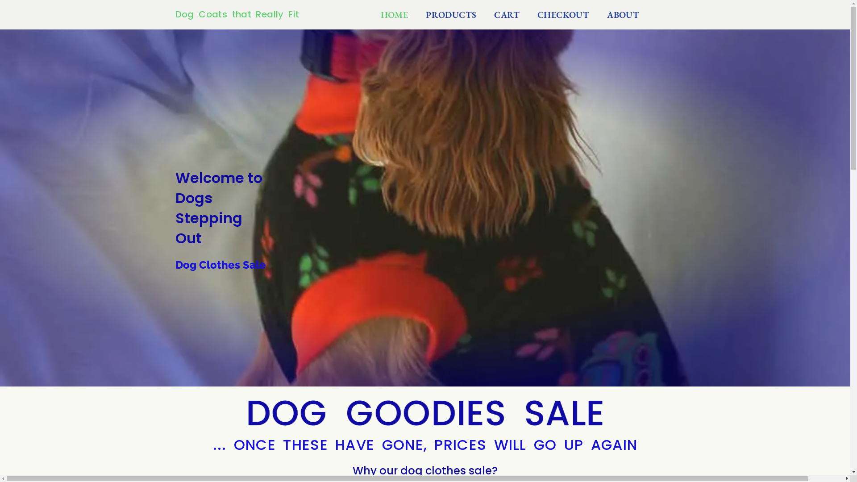  Describe the element at coordinates (563, 15) in the screenshot. I see `'CHECKOUT'` at that location.